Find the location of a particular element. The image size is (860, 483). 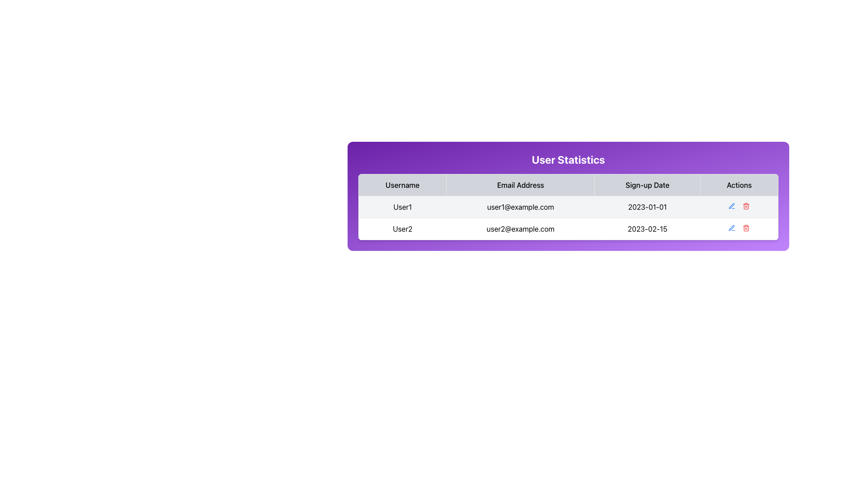

the static text label displaying 'User1', which is located in the first column of the user information table row is located at coordinates (402, 207).